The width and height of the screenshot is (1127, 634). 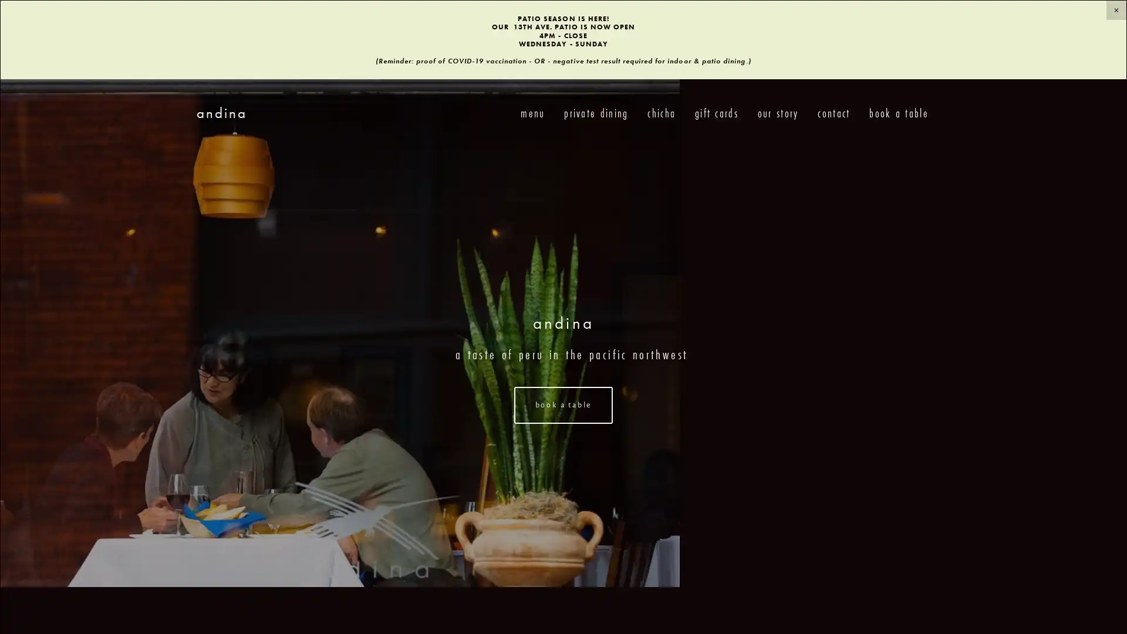 I want to click on Close Announcement, so click(x=1115, y=10).